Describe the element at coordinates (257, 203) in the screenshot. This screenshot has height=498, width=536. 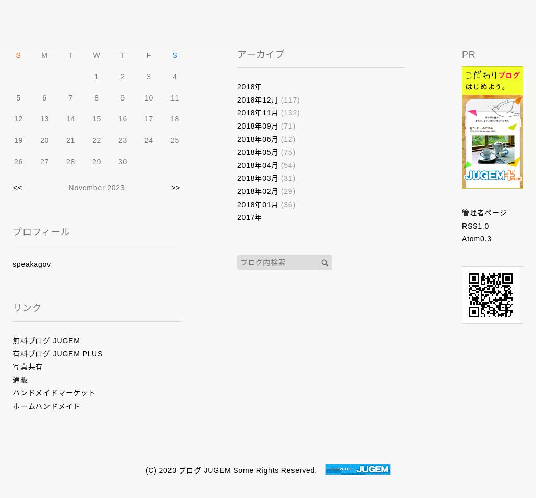
I see `'2018年01月'` at that location.